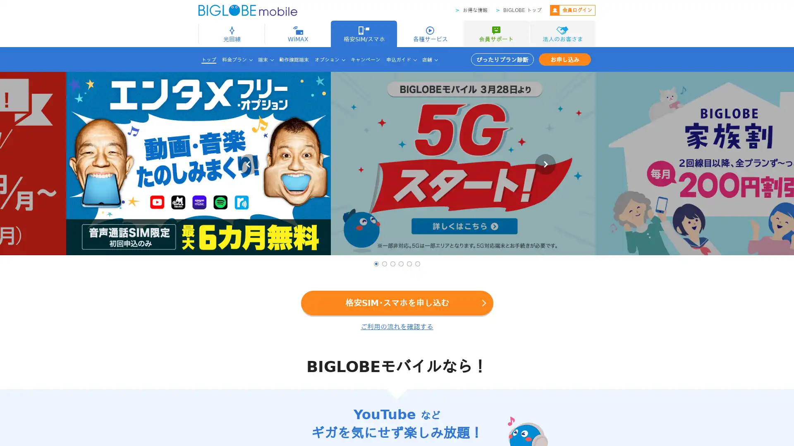 Image resolution: width=794 pixels, height=446 pixels. I want to click on Previous, so click(248, 164).